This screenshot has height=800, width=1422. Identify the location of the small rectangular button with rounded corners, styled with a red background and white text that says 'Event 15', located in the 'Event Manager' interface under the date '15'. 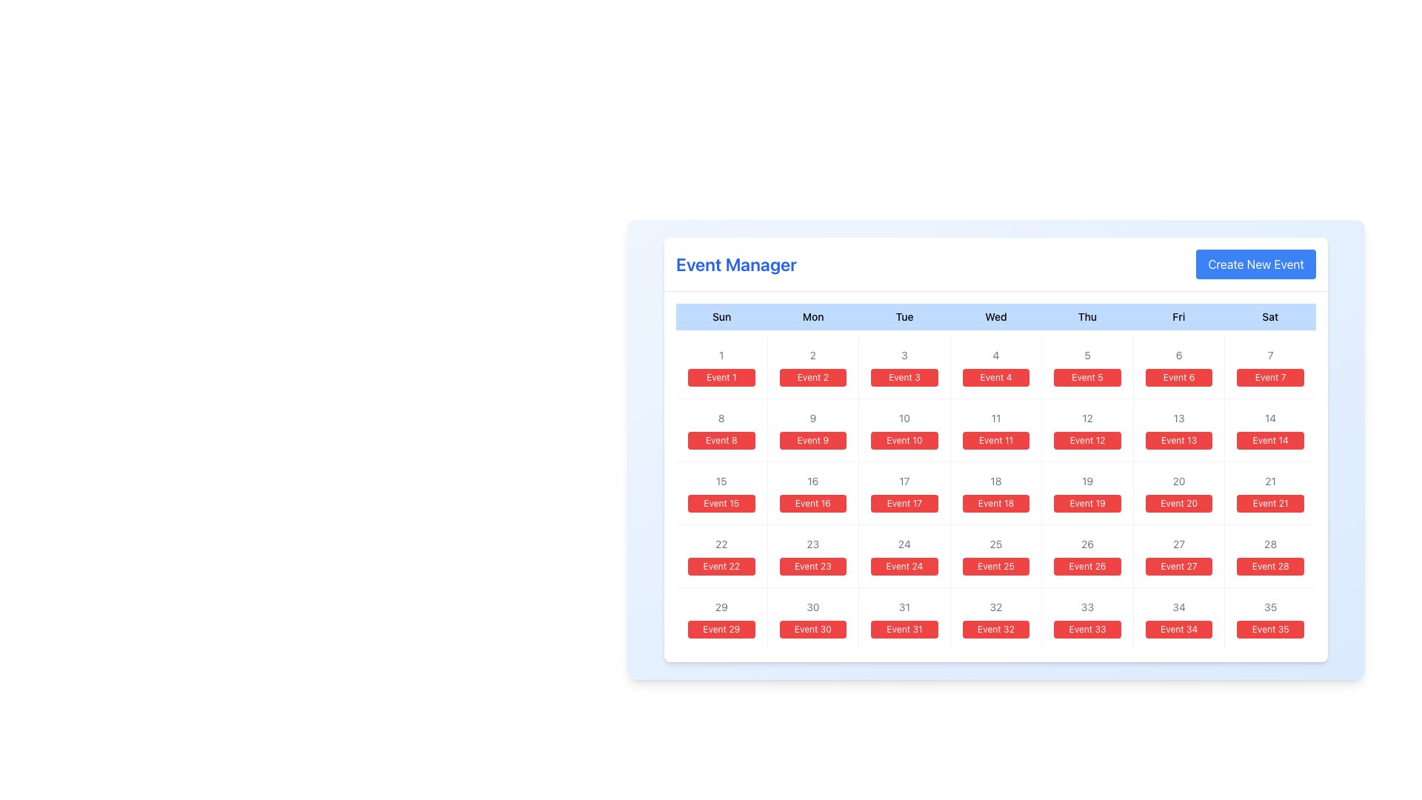
(721, 502).